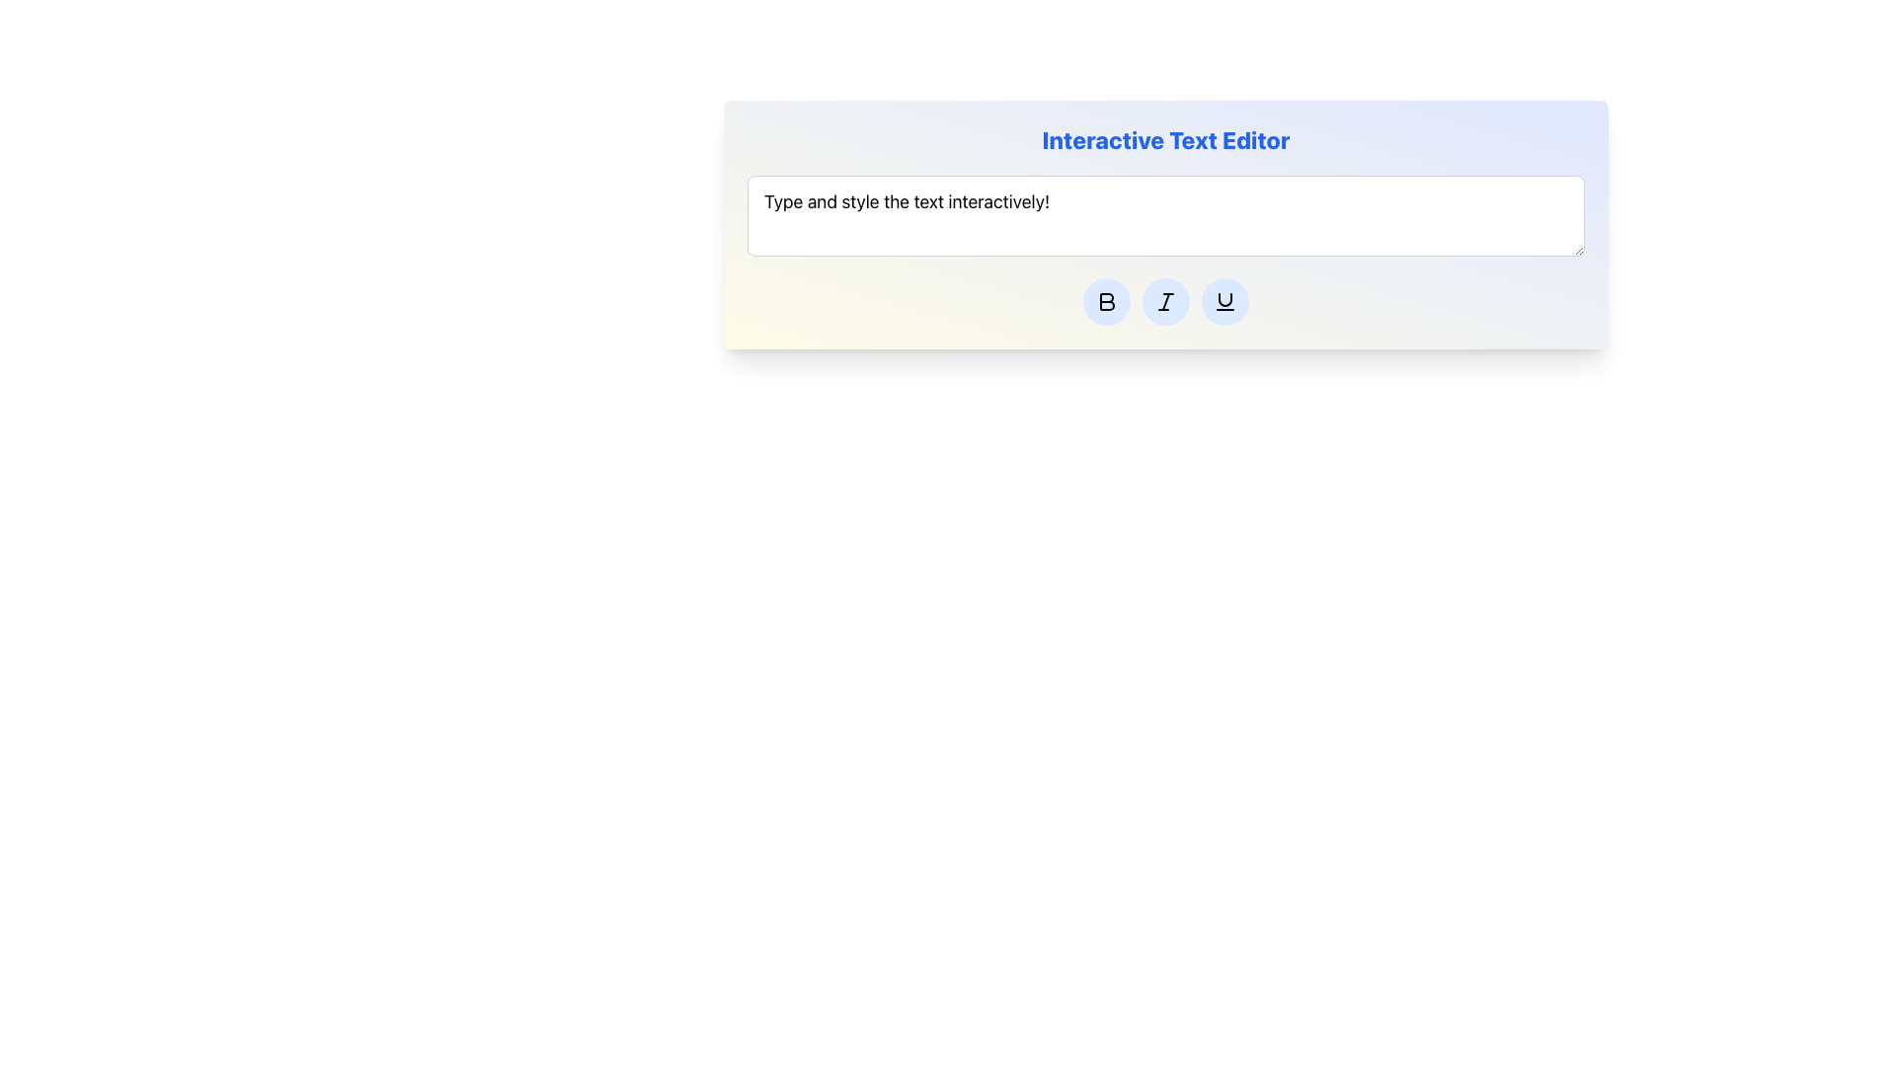  What do you see at coordinates (1224, 301) in the screenshot?
I see `the underline icon button located at the far right of the row of three buttons beneath the 'Interactive Text Editor'` at bounding box center [1224, 301].